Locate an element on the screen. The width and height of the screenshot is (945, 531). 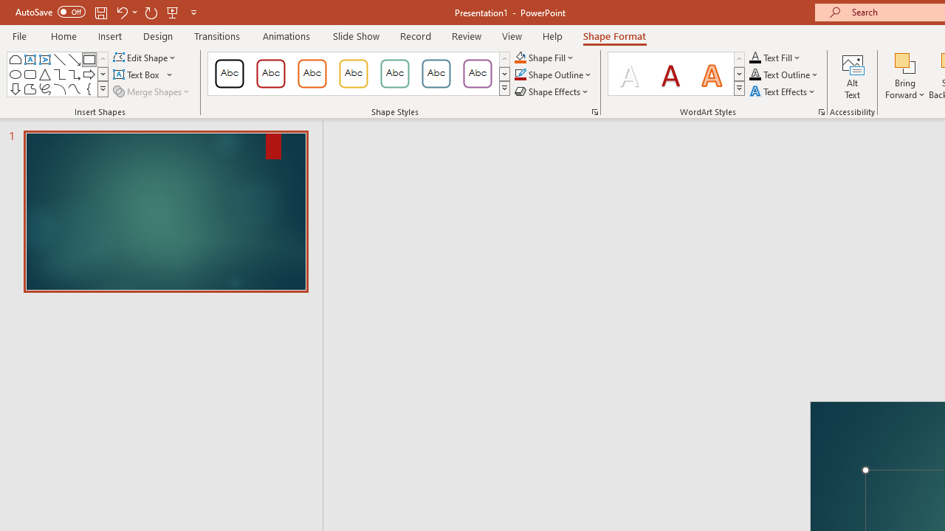
'Fill: White, Text color 1; Shadow' is located at coordinates (630, 74).